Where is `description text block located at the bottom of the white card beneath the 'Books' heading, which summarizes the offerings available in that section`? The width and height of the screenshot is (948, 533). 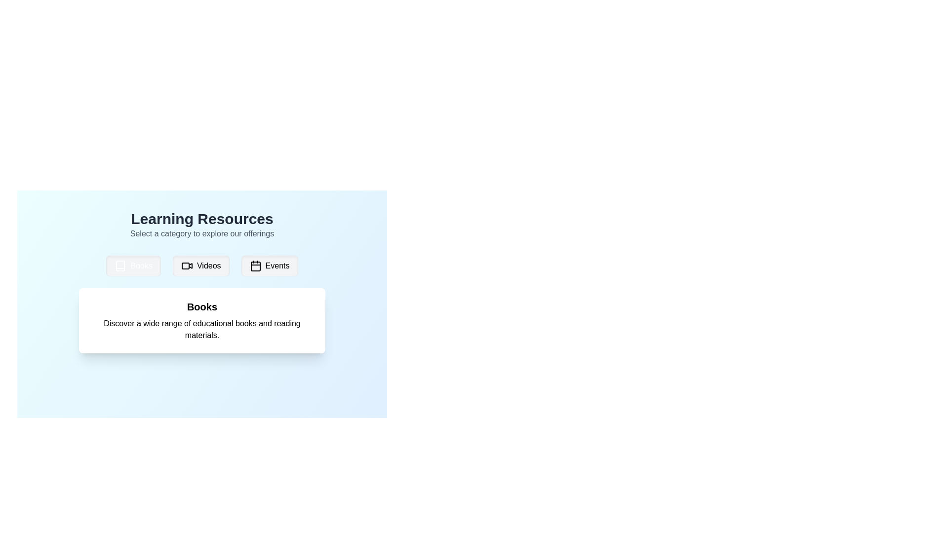 description text block located at the bottom of the white card beneath the 'Books' heading, which summarizes the offerings available in that section is located at coordinates (201, 329).